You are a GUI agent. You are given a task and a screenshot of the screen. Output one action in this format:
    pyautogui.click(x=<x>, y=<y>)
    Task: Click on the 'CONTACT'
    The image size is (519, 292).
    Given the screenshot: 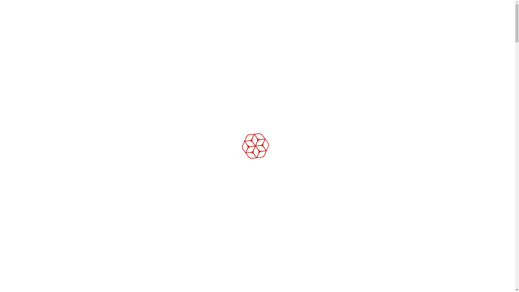 What is the action you would take?
    pyautogui.click(x=395, y=18)
    